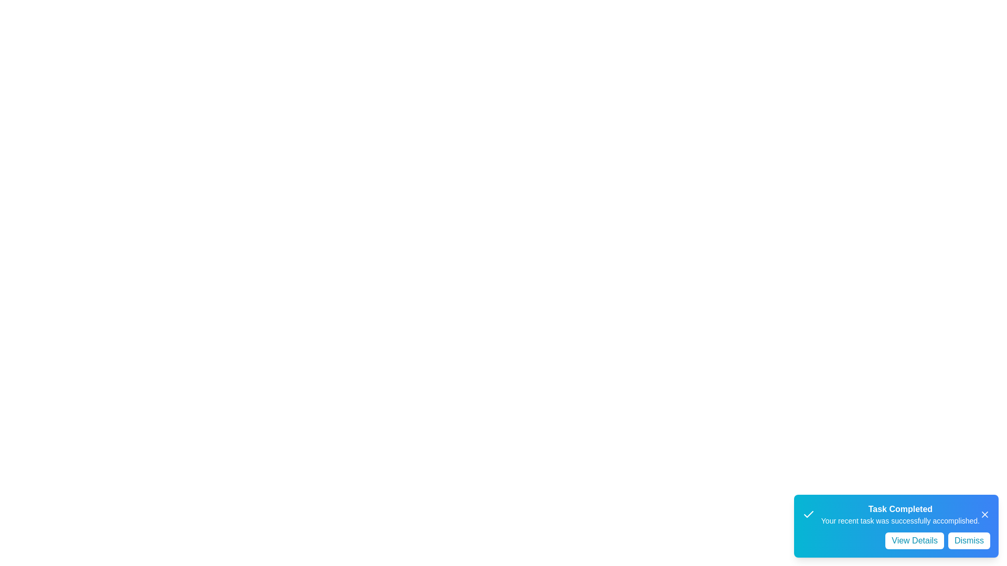 This screenshot has width=1007, height=566. What do you see at coordinates (899, 514) in the screenshot?
I see `the text block within the notification component that communicates the successful completion of a task, located in the bottom-right section of the interface` at bounding box center [899, 514].